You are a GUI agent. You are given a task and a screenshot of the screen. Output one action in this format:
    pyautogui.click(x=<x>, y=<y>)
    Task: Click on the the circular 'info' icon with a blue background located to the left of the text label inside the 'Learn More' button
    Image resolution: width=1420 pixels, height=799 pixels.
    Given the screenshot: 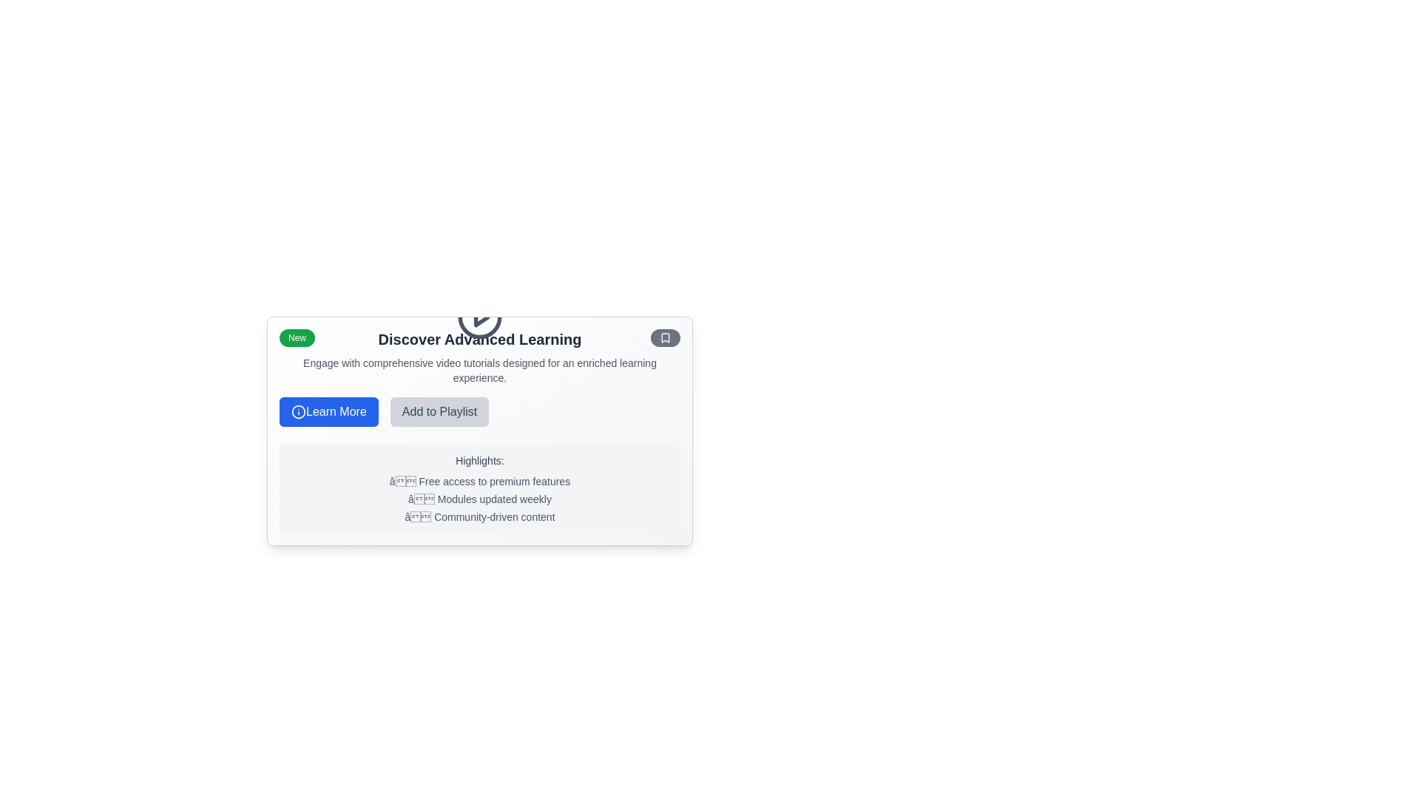 What is the action you would take?
    pyautogui.click(x=297, y=411)
    